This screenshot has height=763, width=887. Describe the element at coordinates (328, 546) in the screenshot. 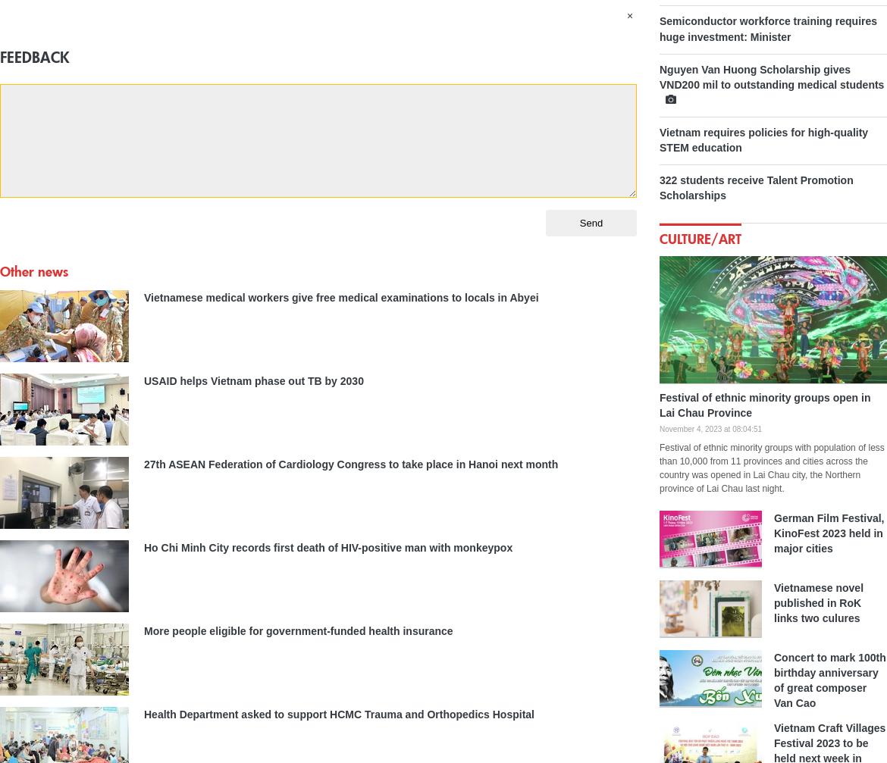

I see `'Ho Chi Minh City records first death of HIV-positive man with monkeypox'` at that location.